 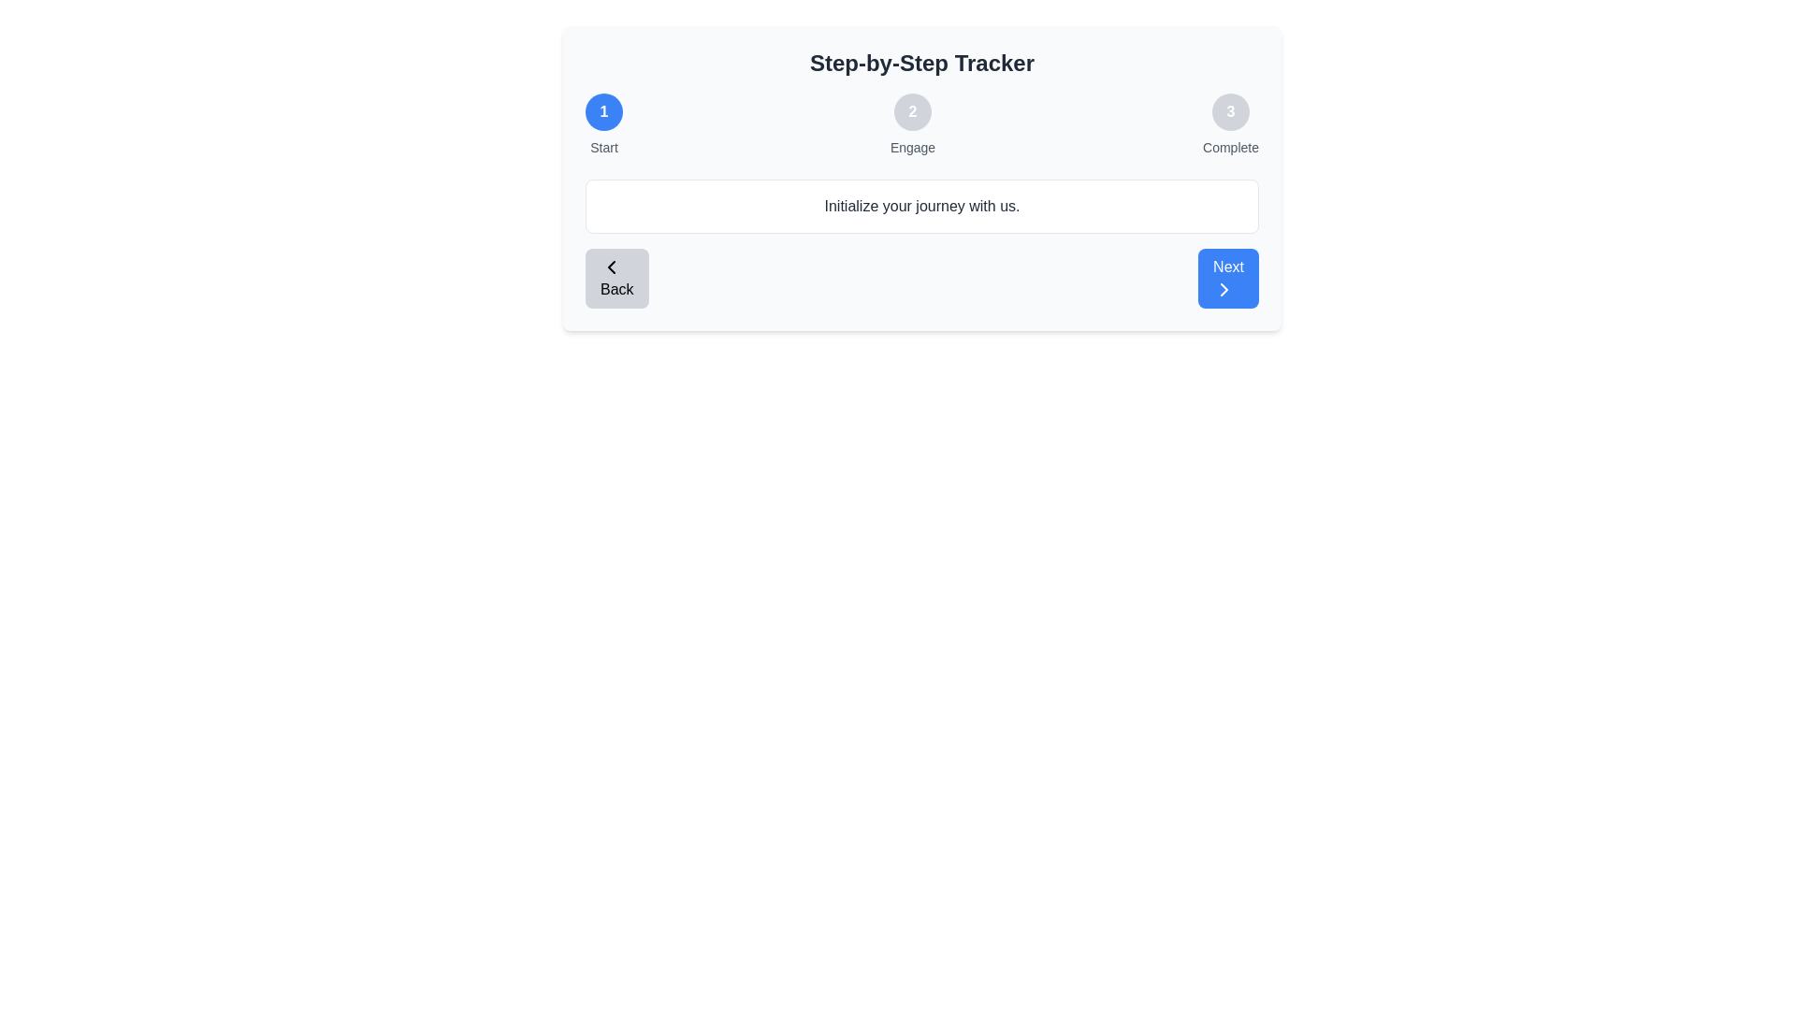 I want to click on the text label displaying 'Complete', which is styled with a small, gray font and is located under the circular step indicator with the number '3' in the top-right corner of the step-by-step tracker interface, so click(x=1230, y=147).